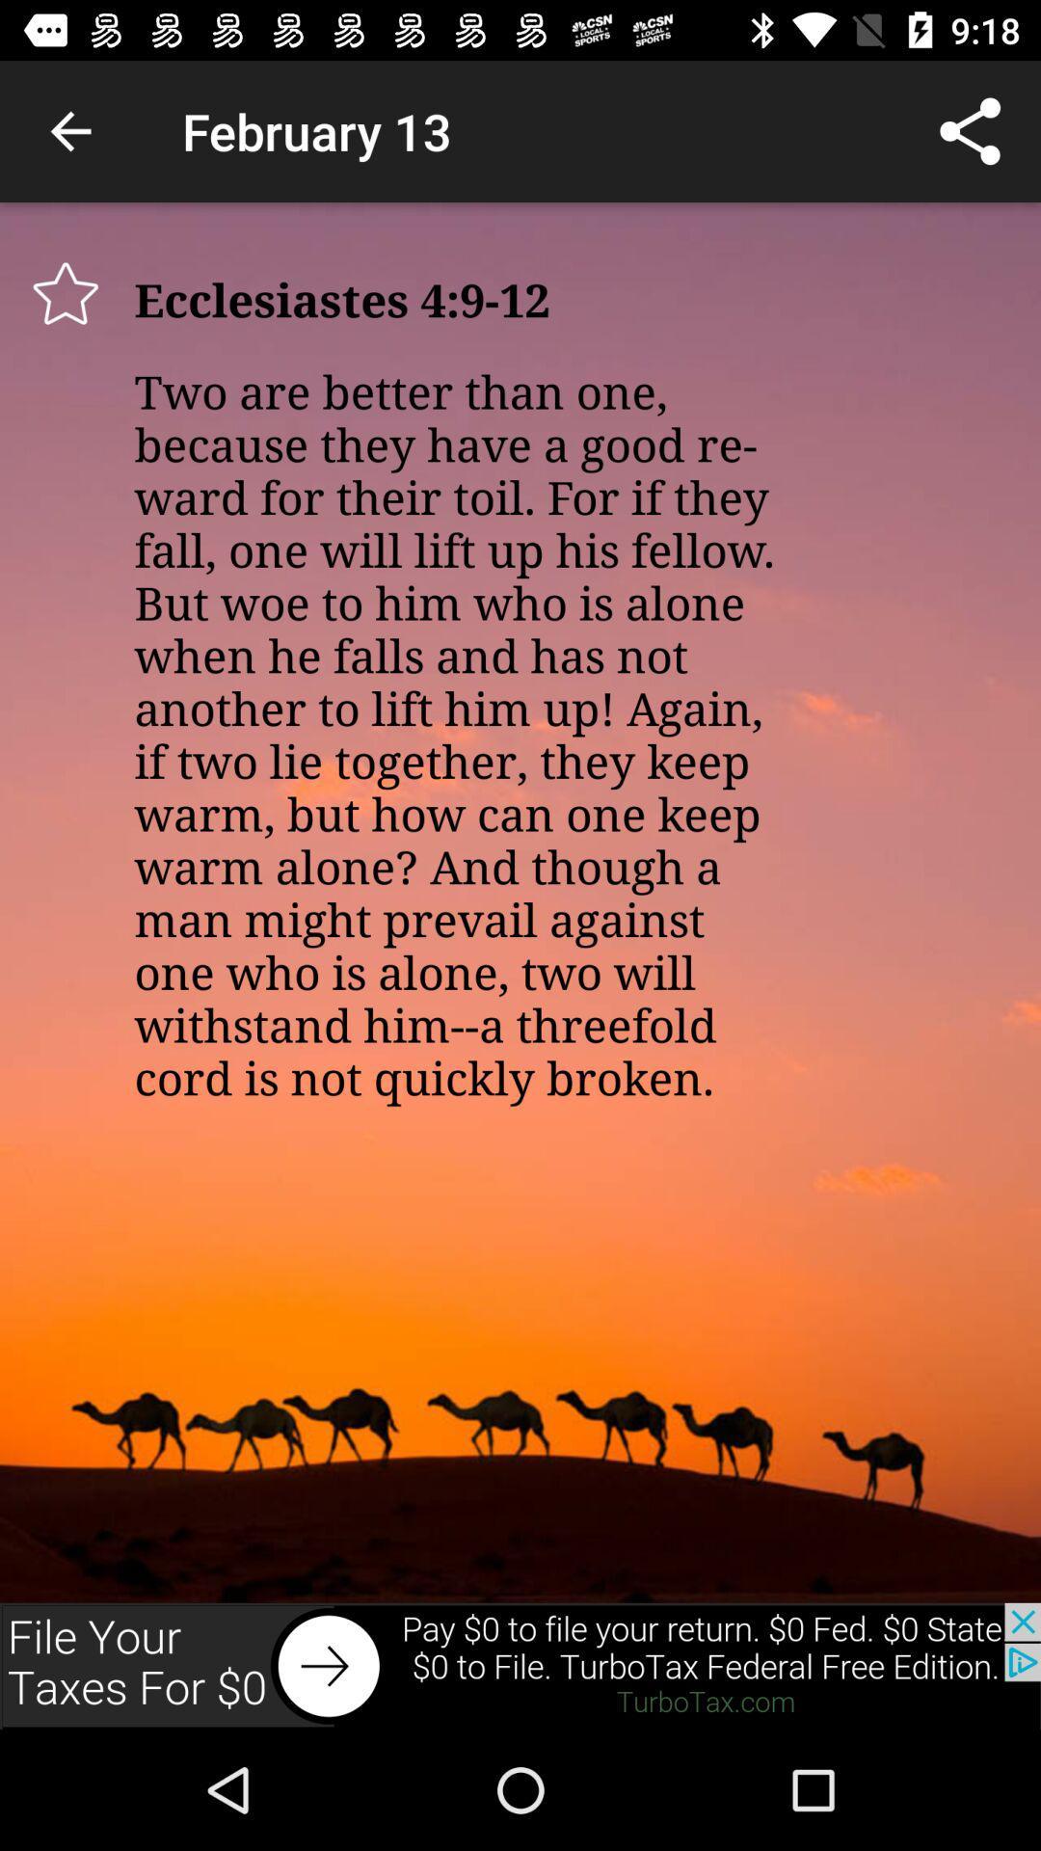  Describe the element at coordinates (65, 292) in the screenshot. I see `to favorites` at that location.